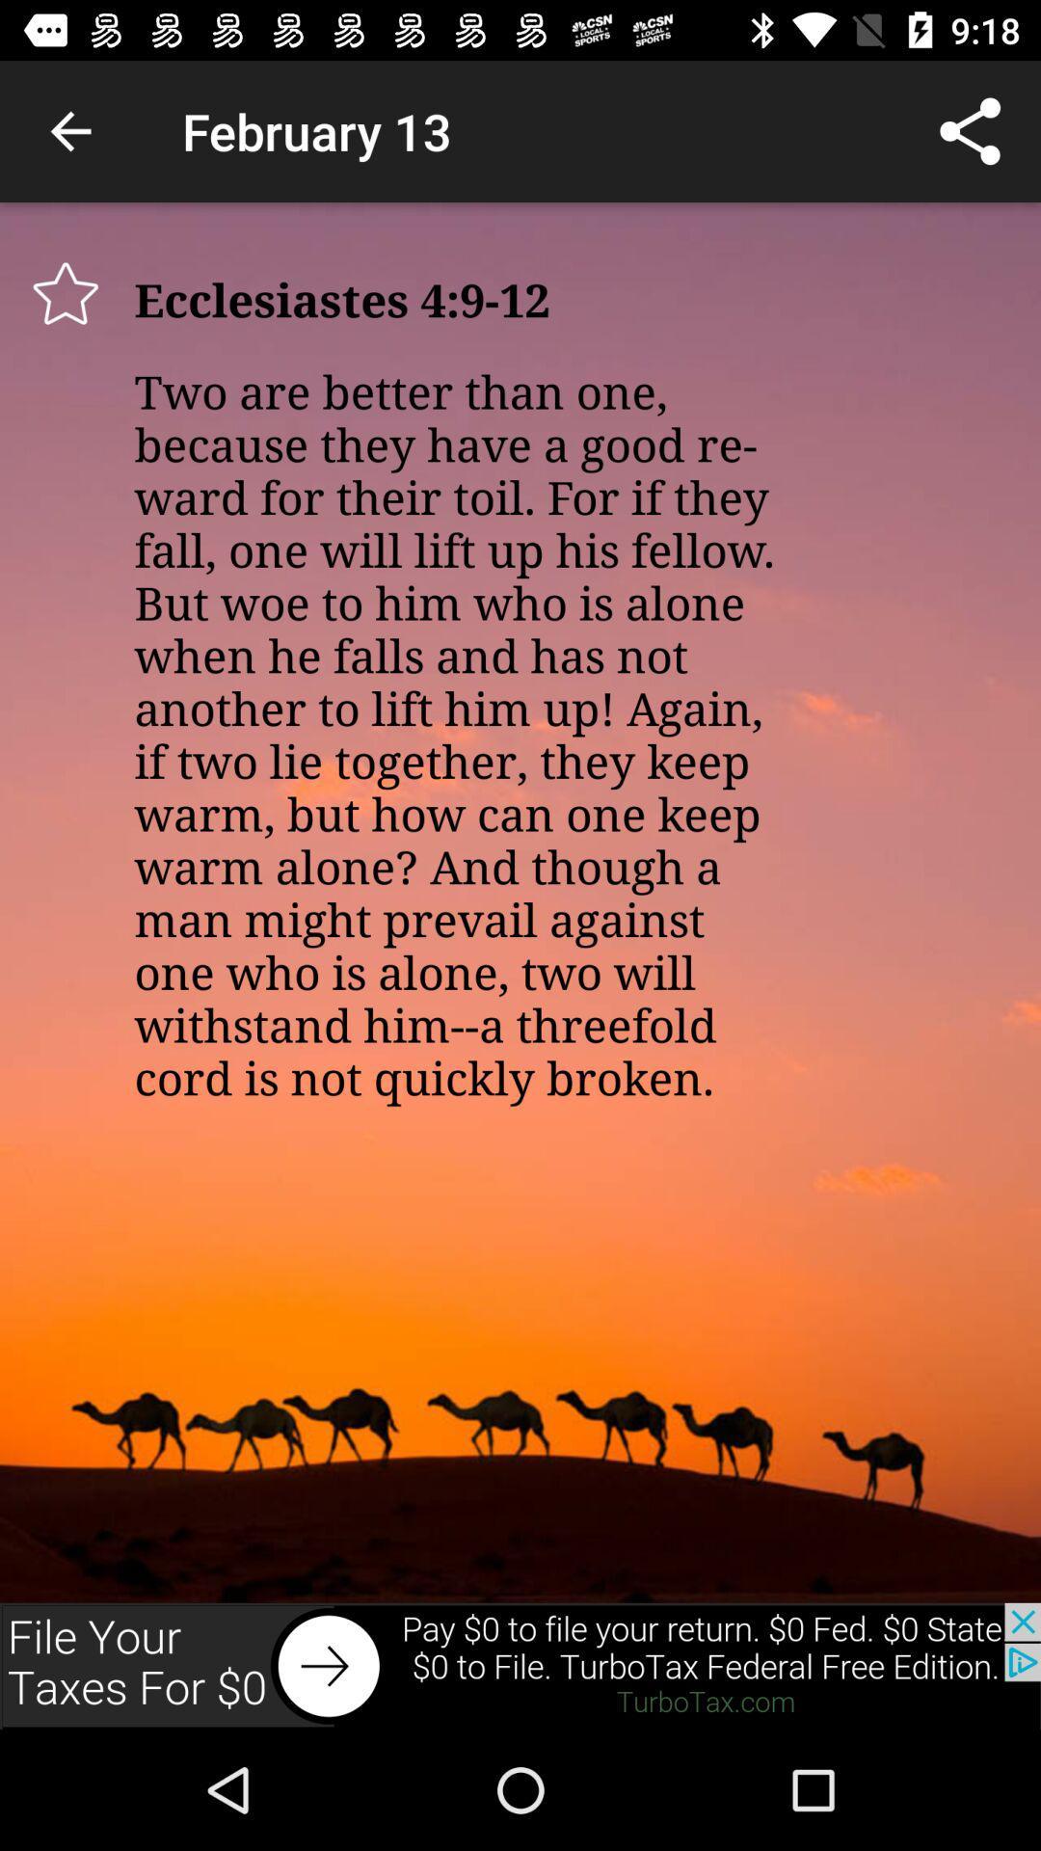  Describe the element at coordinates (65, 292) in the screenshot. I see `to favorites` at that location.